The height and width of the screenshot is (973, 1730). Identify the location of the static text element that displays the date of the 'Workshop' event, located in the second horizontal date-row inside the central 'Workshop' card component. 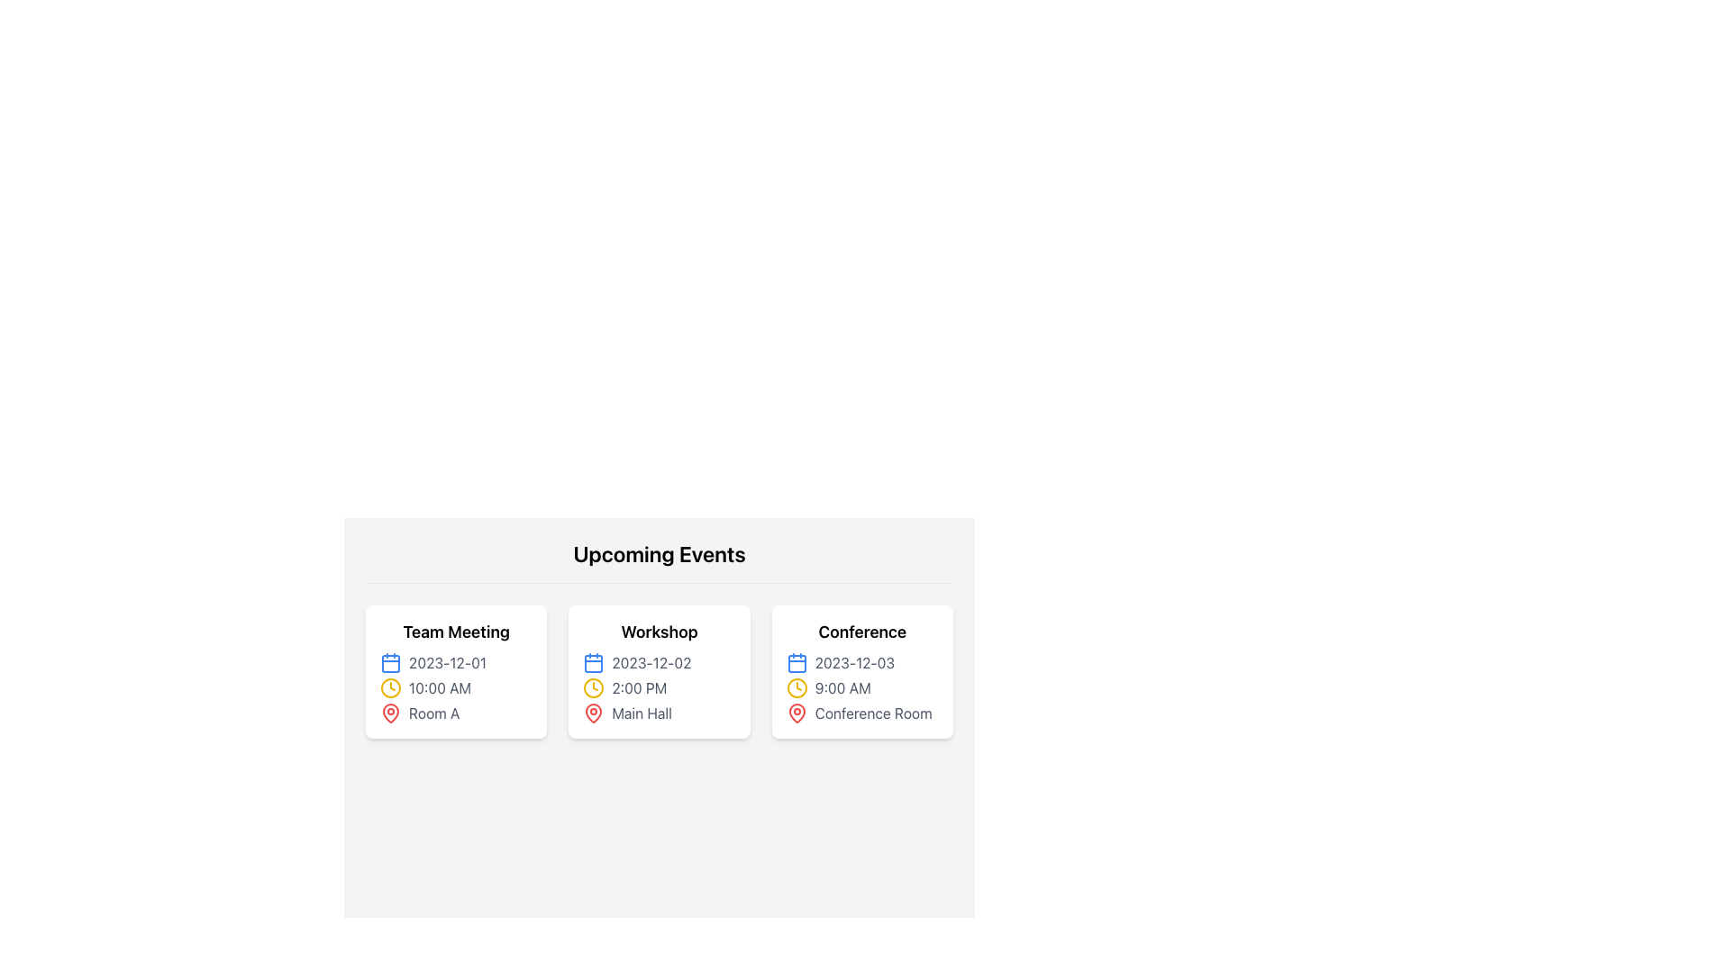
(658, 663).